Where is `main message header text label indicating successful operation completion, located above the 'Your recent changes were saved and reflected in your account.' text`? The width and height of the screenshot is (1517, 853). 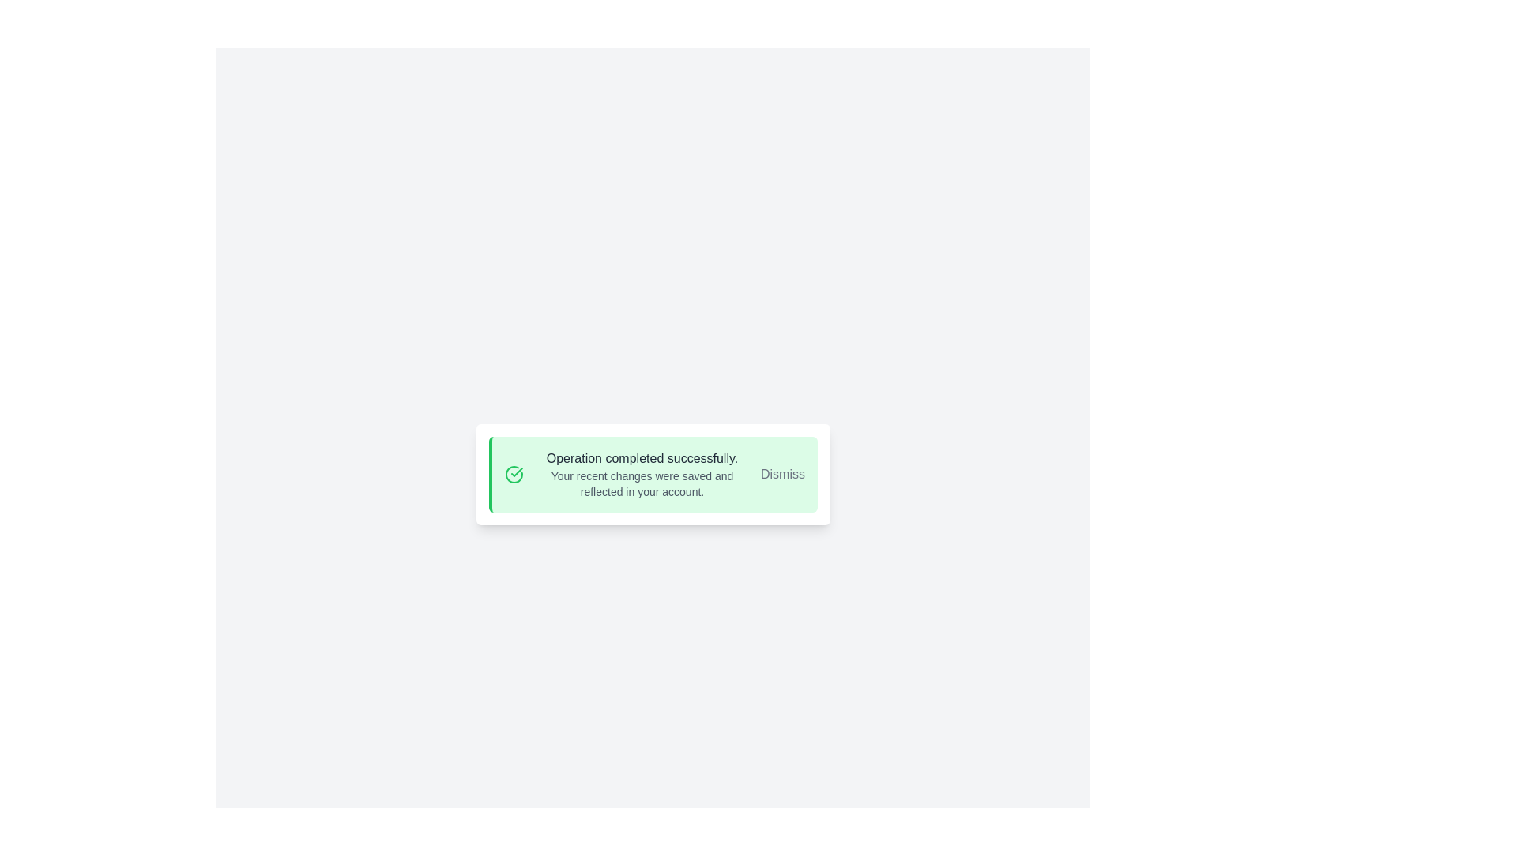 main message header text label indicating successful operation completion, located above the 'Your recent changes were saved and reflected in your account.' text is located at coordinates (642, 459).